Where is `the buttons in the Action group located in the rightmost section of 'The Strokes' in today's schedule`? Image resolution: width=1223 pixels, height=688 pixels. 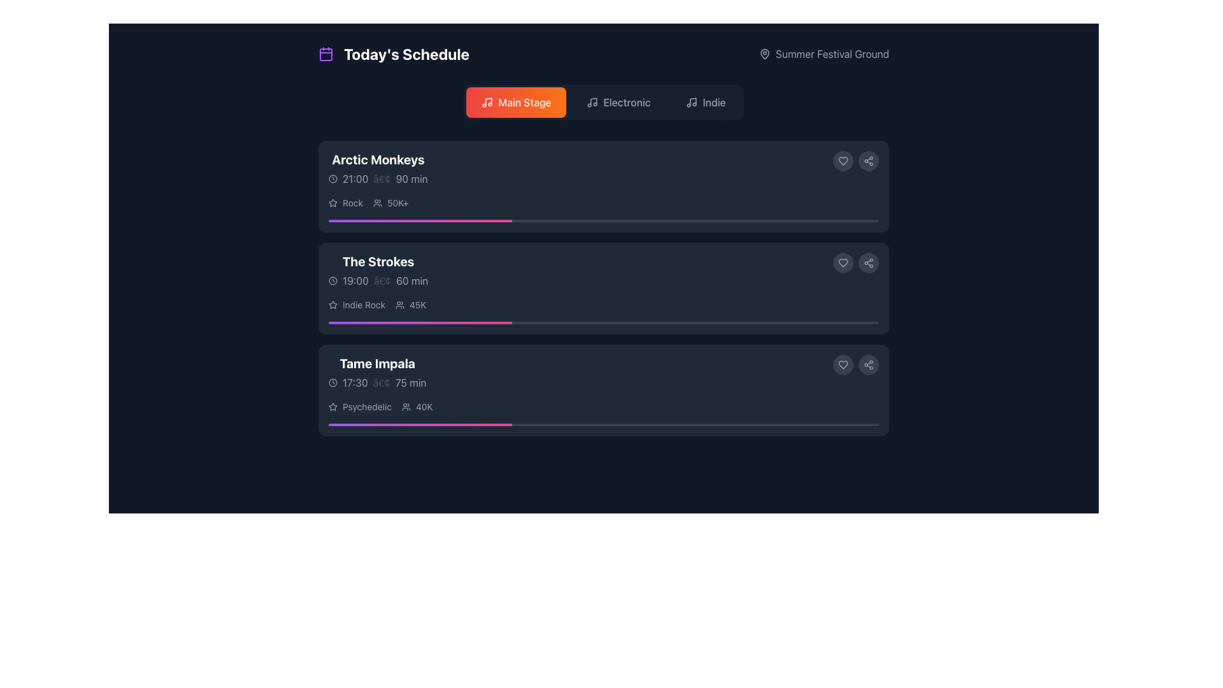
the buttons in the Action group located in the rightmost section of 'The Strokes' in today's schedule is located at coordinates (856, 262).